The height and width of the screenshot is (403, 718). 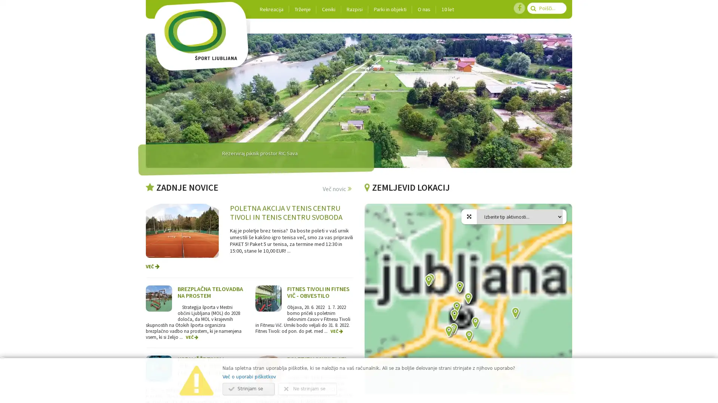 I want to click on Strinjam se, so click(x=248, y=388).